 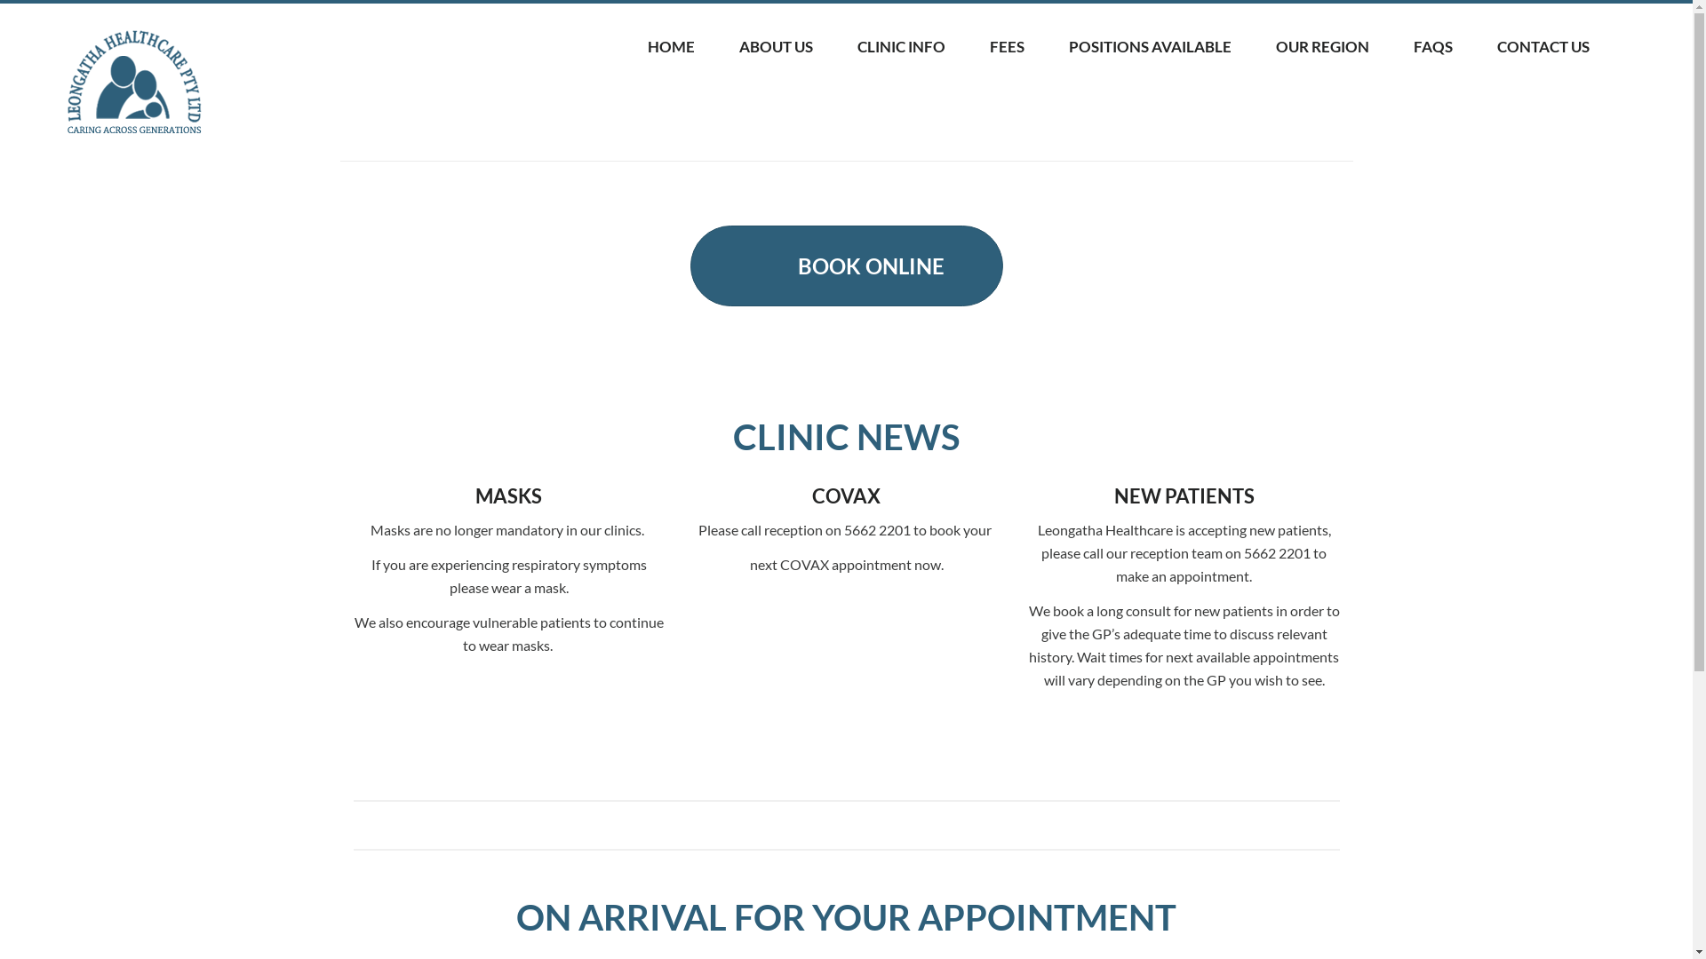 I want to click on 'FAQS', so click(x=1432, y=46).